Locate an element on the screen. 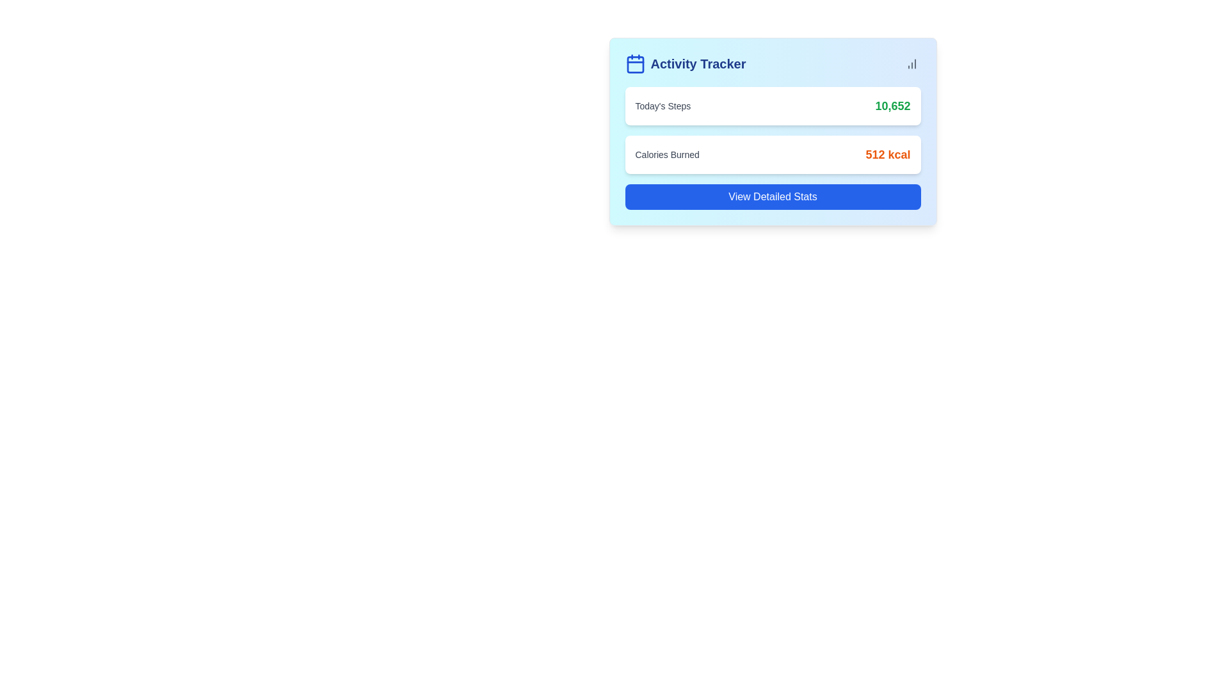 Image resolution: width=1229 pixels, height=691 pixels. value displayed on the text label that shows the current step count for the day, located on the right side of the horizontal section within a card on the dashboard interface is located at coordinates (892, 105).